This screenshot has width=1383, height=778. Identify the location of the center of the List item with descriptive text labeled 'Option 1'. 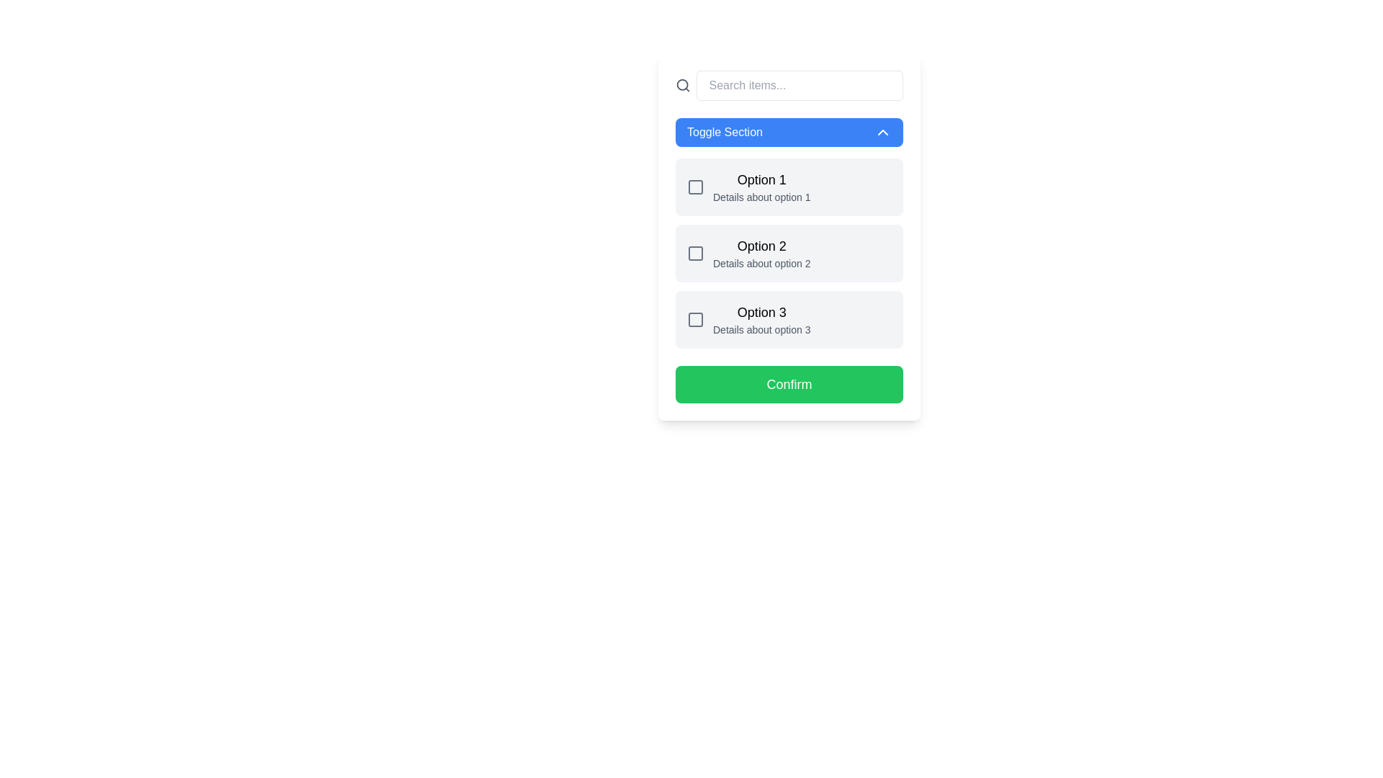
(761, 186).